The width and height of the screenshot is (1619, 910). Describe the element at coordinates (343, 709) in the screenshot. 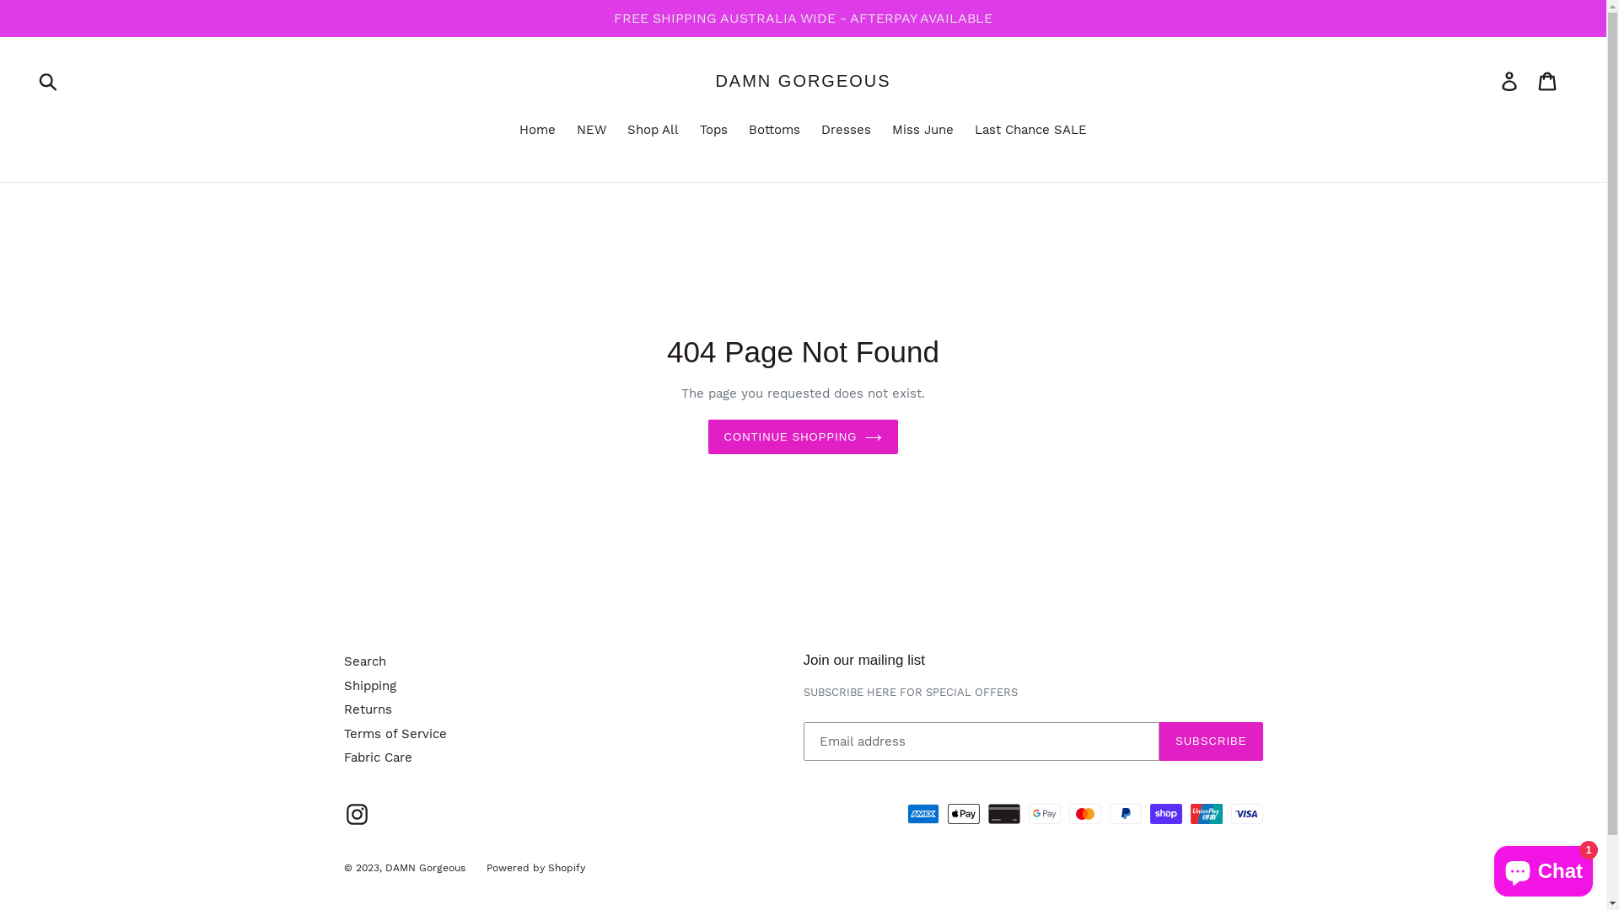

I see `'Returns'` at that location.